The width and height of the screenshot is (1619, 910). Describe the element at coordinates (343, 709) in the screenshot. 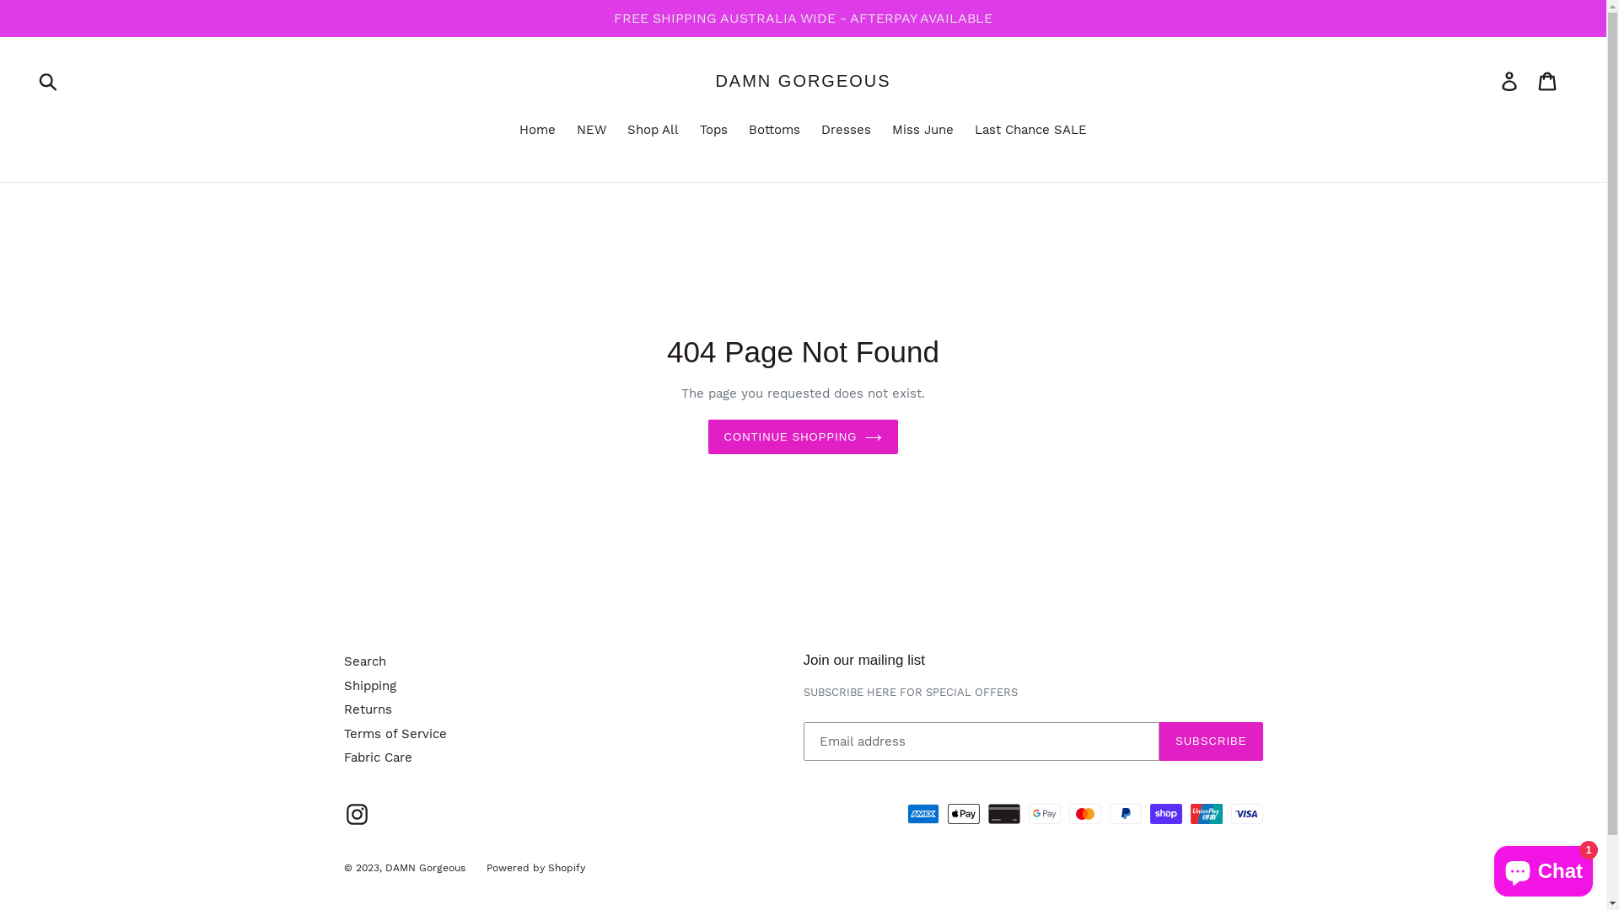

I see `'Returns'` at that location.